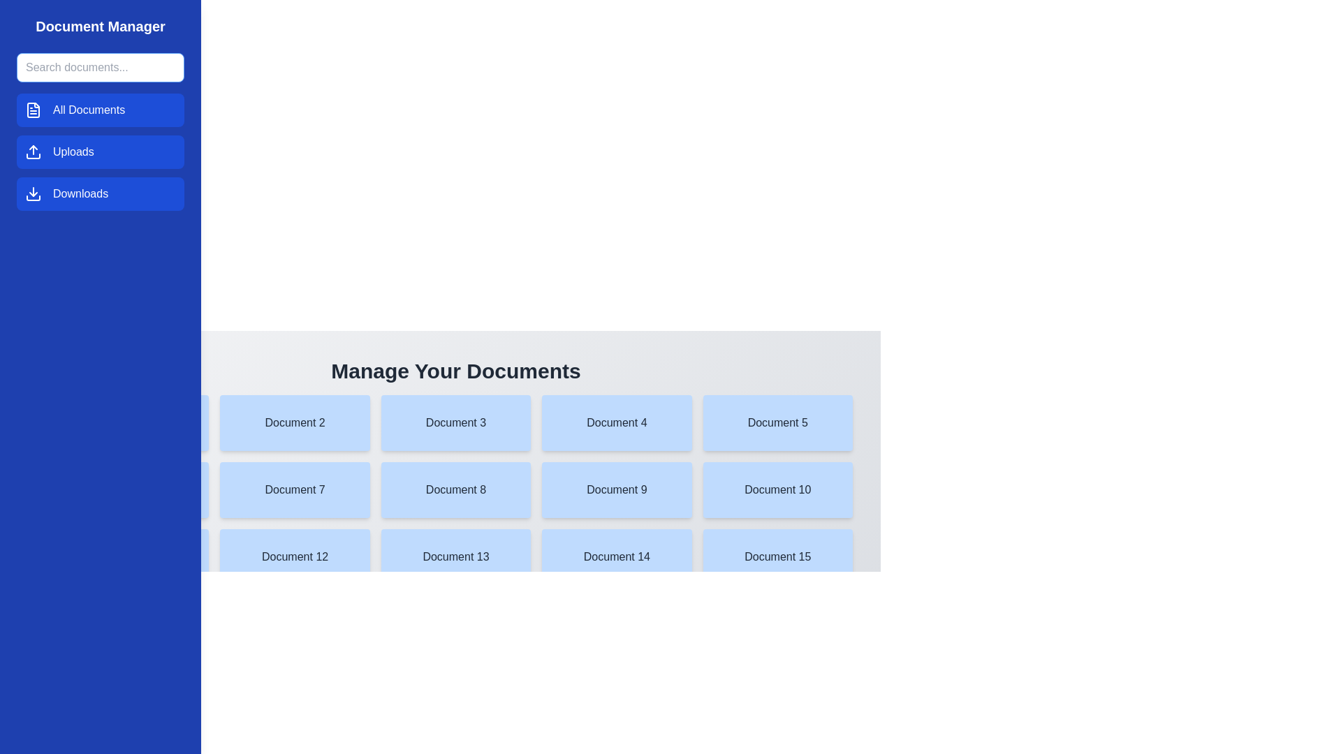 This screenshot has width=1341, height=754. What do you see at coordinates (100, 110) in the screenshot?
I see `the document category All Documents from the list` at bounding box center [100, 110].